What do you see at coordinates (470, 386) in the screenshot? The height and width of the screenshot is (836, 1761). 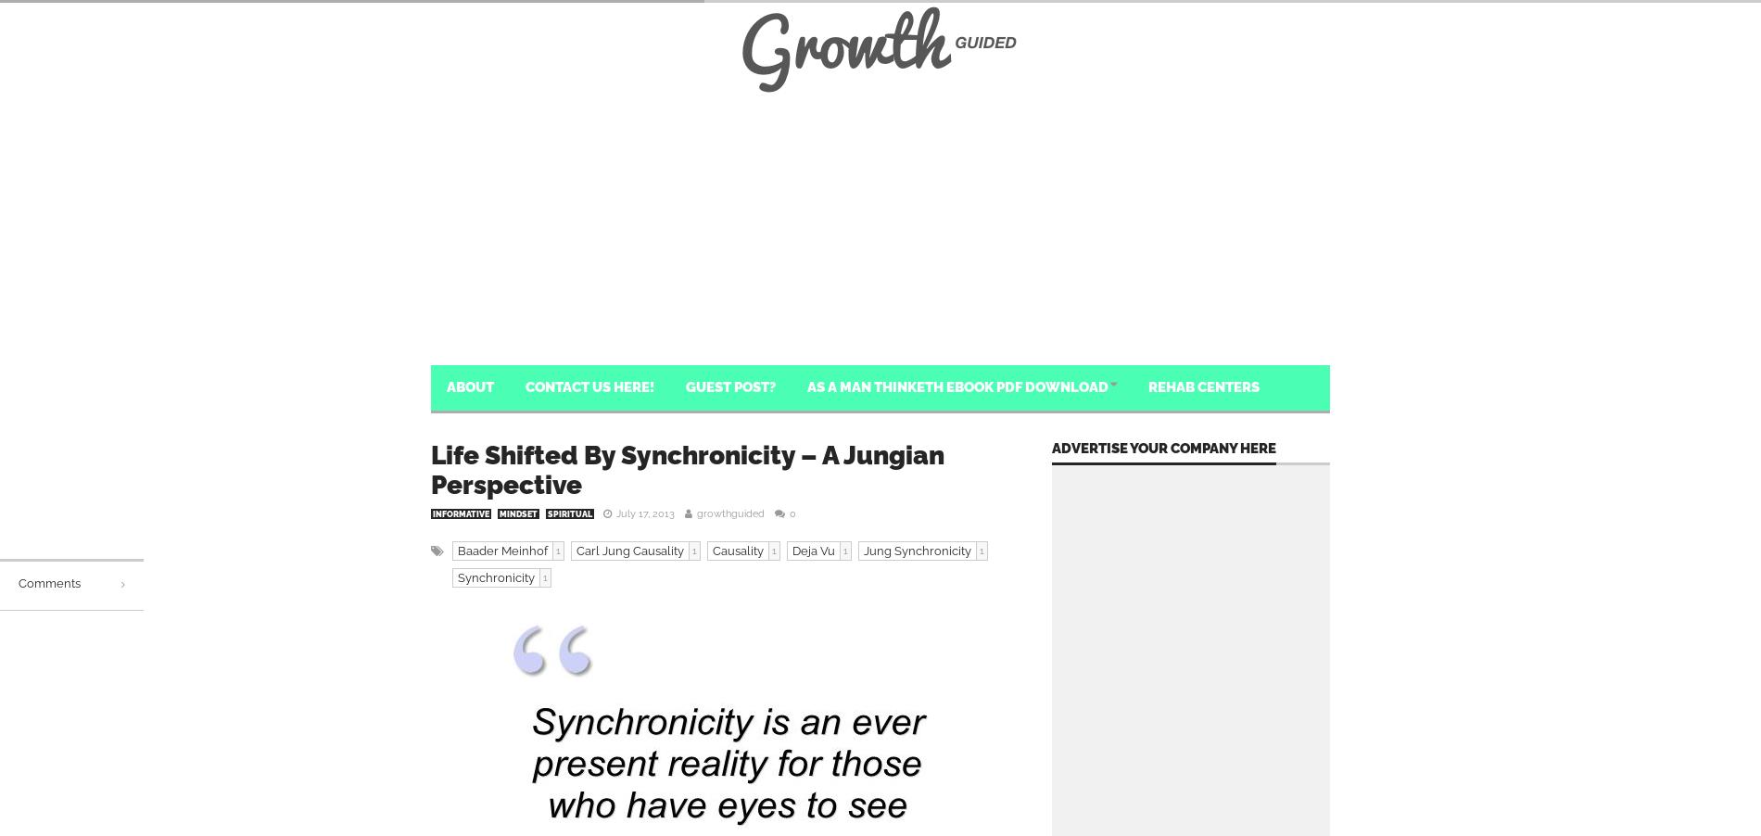 I see `'About'` at bounding box center [470, 386].